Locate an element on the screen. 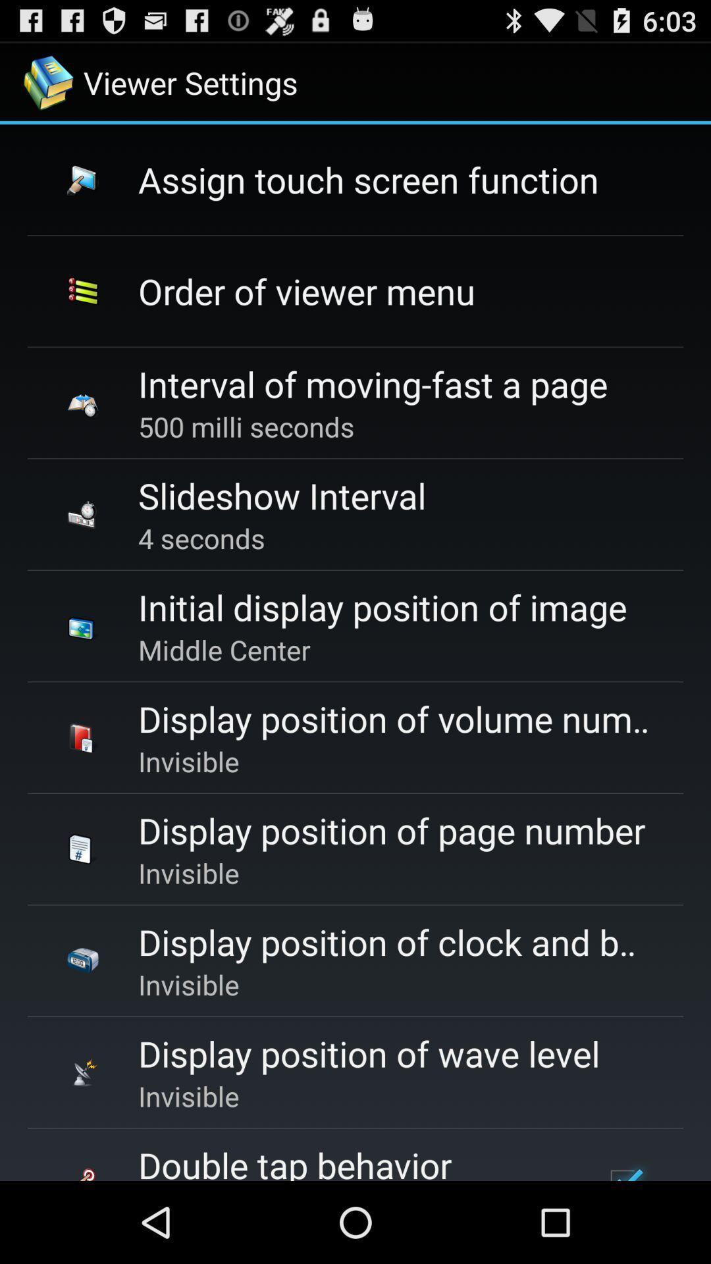  icon below the display position of icon is located at coordinates (623, 1169).